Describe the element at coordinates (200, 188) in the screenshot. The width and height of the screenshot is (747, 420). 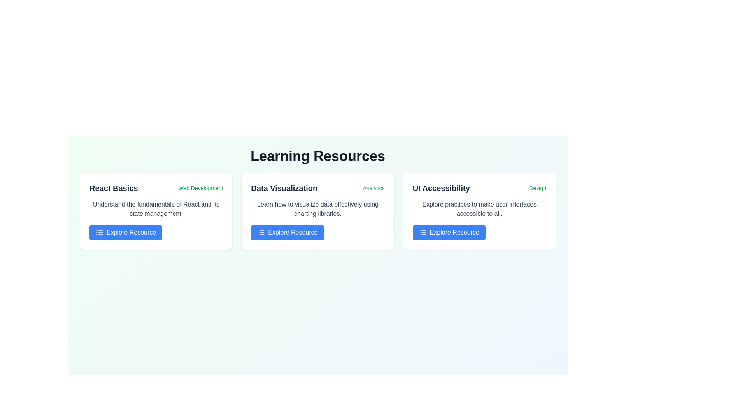
I see `text label displaying 'Web Development' in green color, located in the upper-right corner of the first card next to the title 'React Basics'` at that location.